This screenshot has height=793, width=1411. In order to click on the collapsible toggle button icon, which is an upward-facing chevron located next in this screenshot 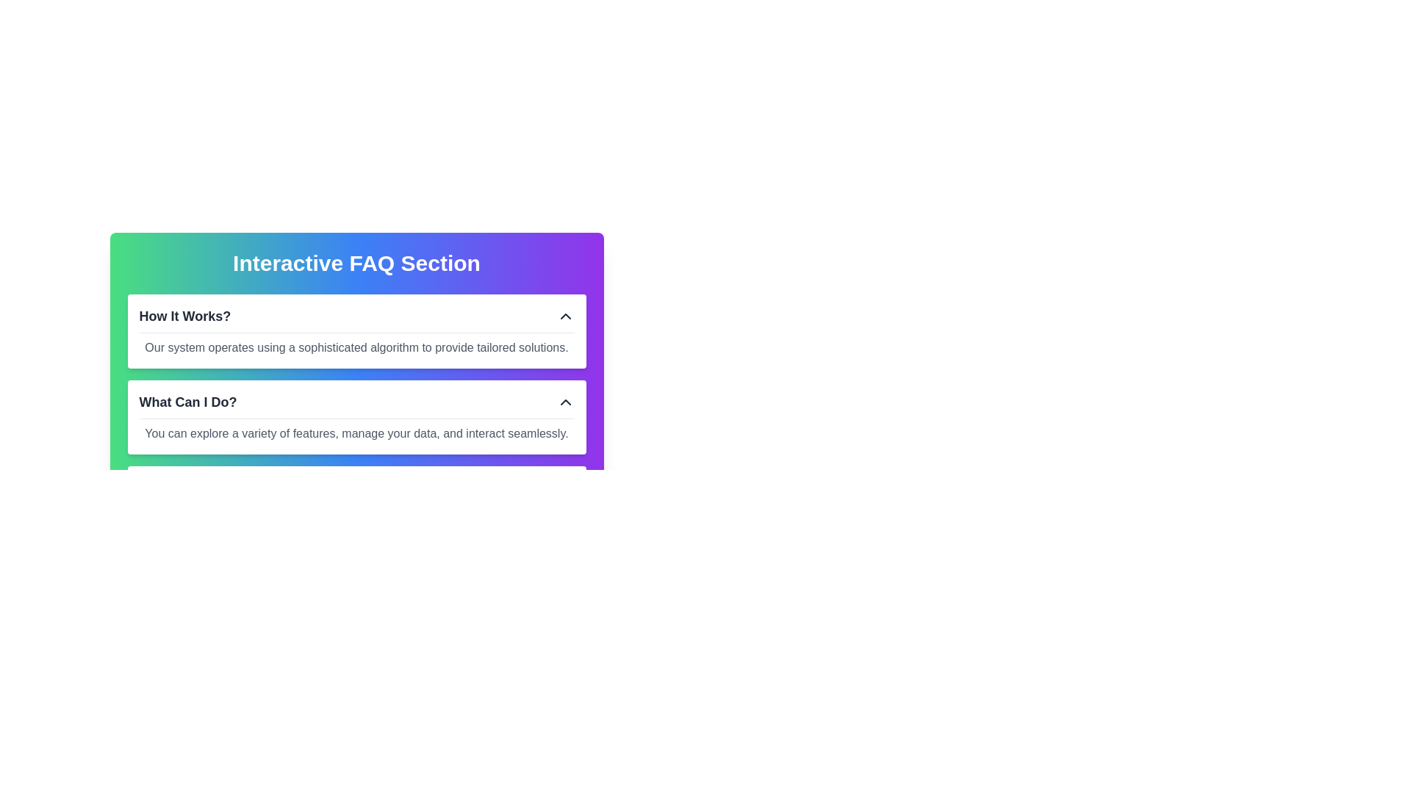, I will do `click(564, 402)`.